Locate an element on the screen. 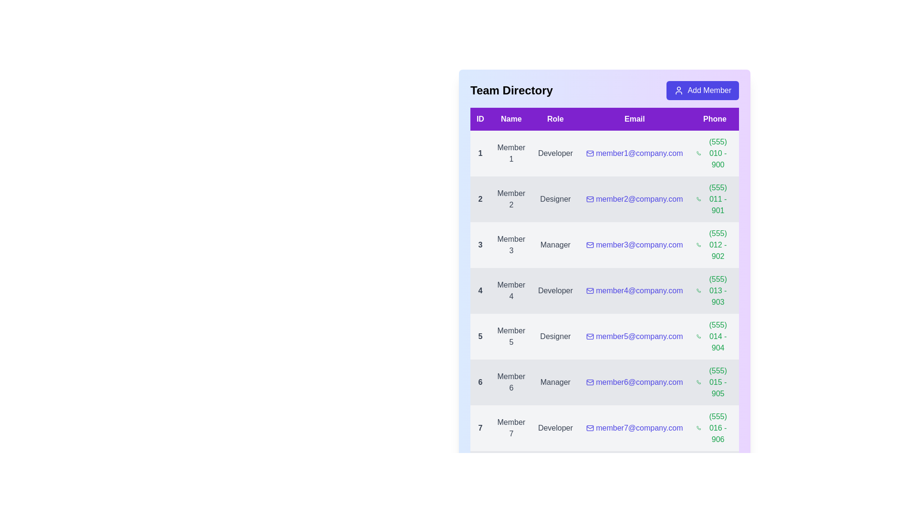 The height and width of the screenshot is (515, 916). the phone number (555) 016 - 906 to initiate a call is located at coordinates (715, 428).